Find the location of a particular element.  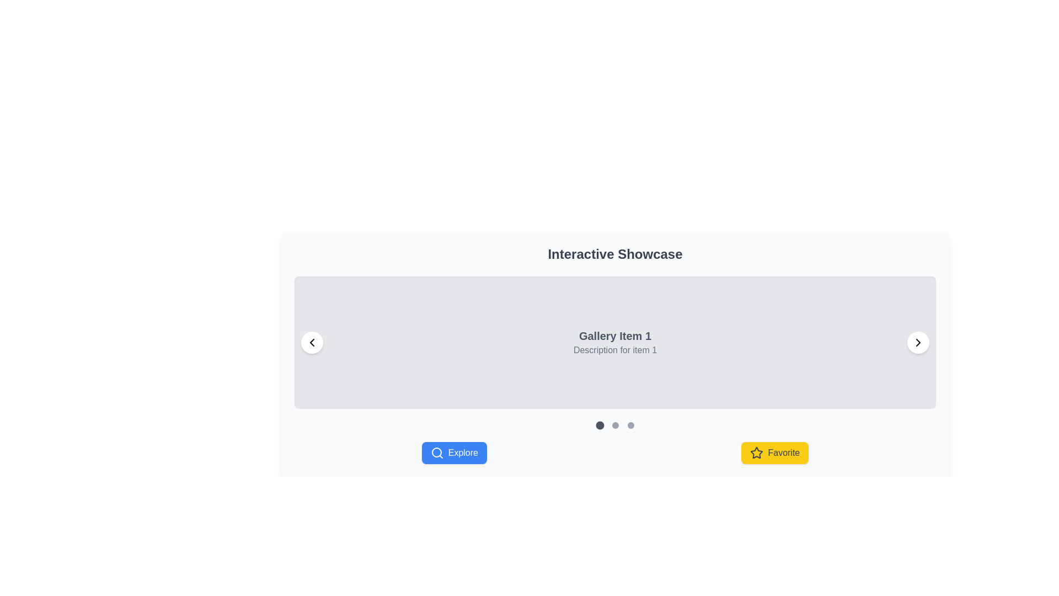

the 'Favorite' button to mark an item as a favorite or remove it from the favorites list is located at coordinates (756, 453).